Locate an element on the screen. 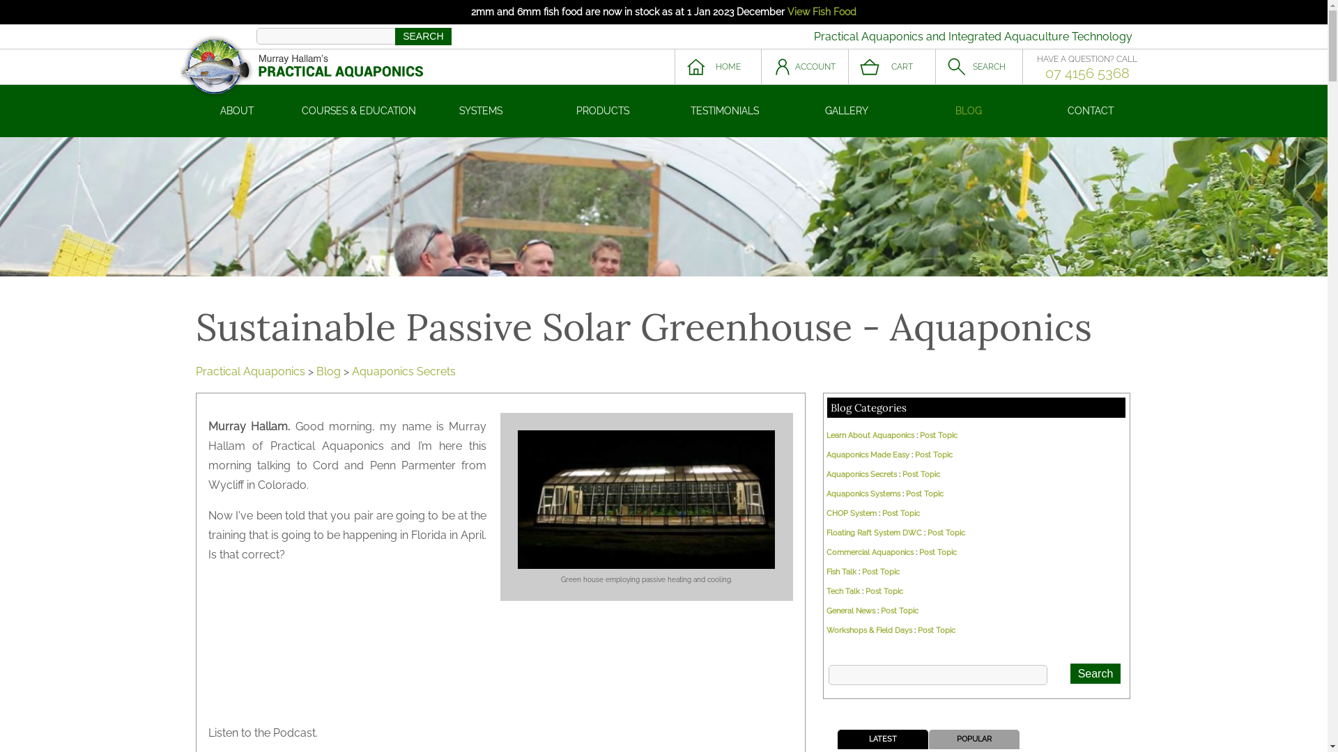 Image resolution: width=1338 pixels, height=752 pixels. 'Blog Categories' is located at coordinates (868, 407).